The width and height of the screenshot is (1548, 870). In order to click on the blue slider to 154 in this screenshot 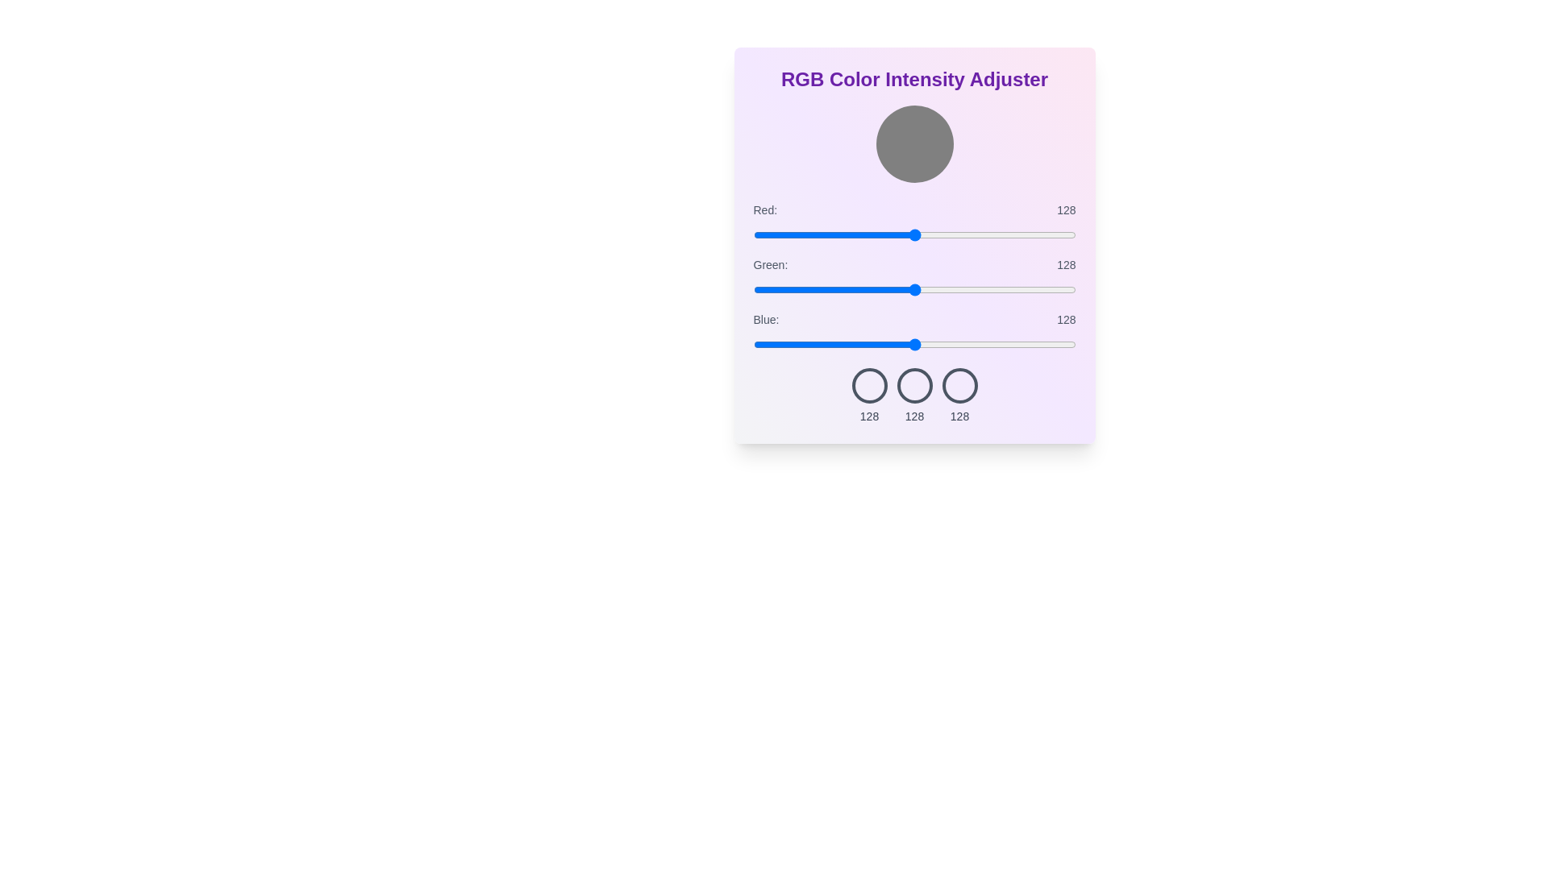, I will do `click(948, 344)`.